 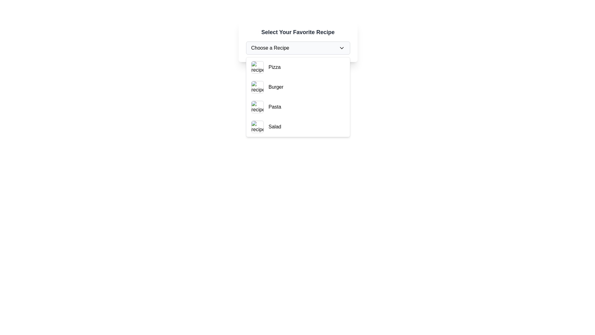 I want to click on to select the 'Salad' option in the dropdown menu labeled 'Select Your Favorite Recipe', which is the last item in the list, so click(x=298, y=126).